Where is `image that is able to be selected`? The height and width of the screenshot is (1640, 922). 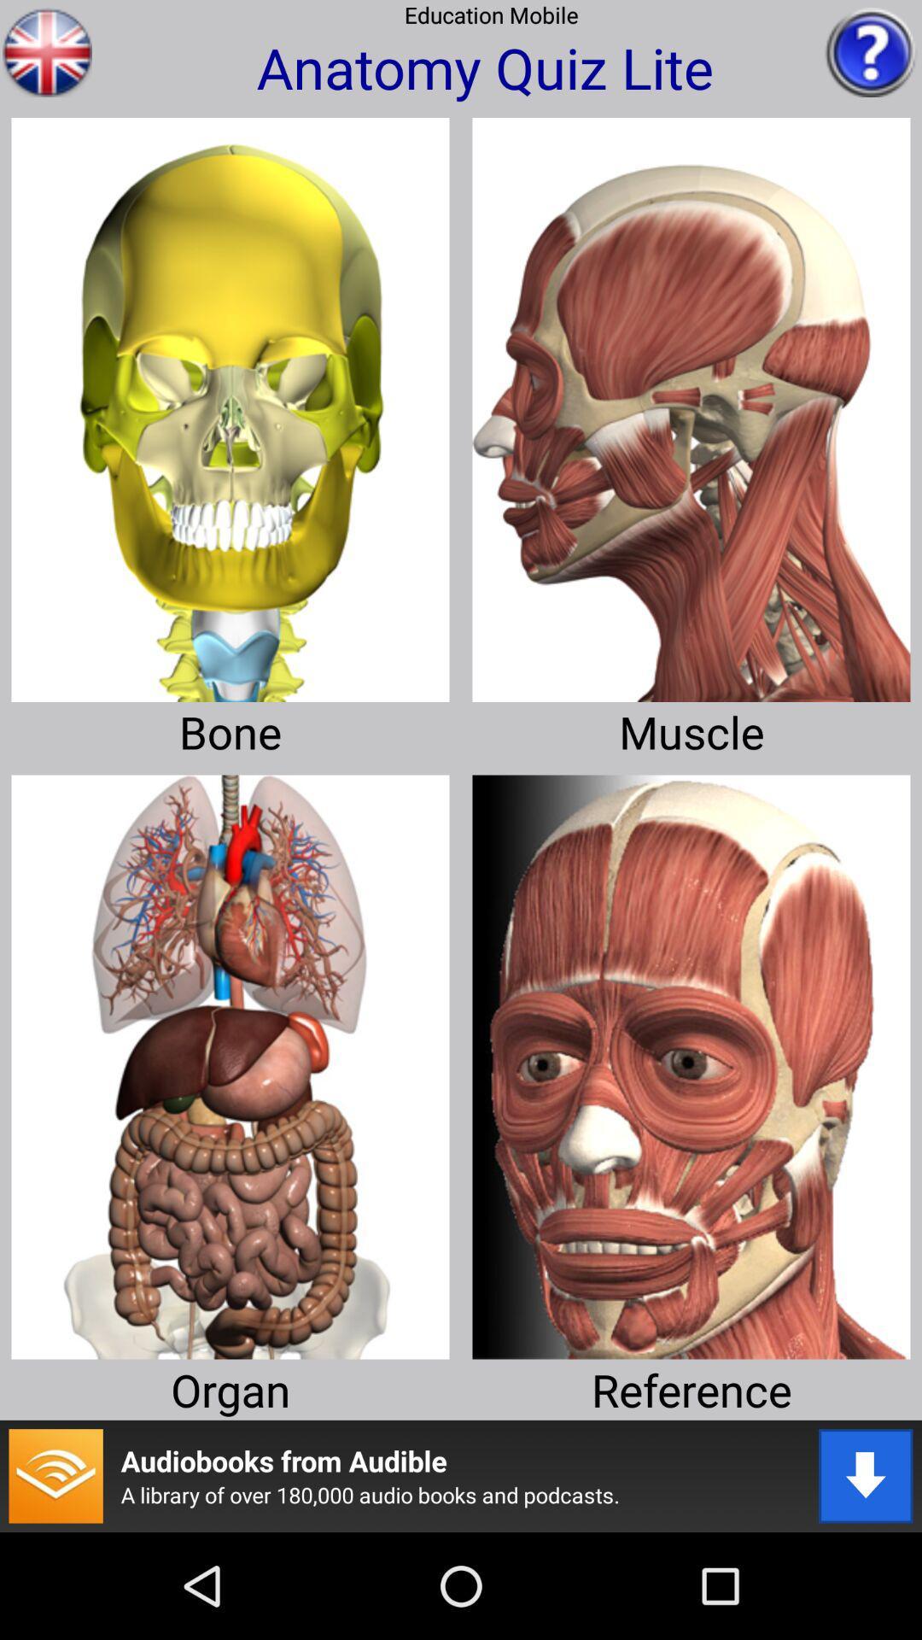
image that is able to be selected is located at coordinates (230, 402).